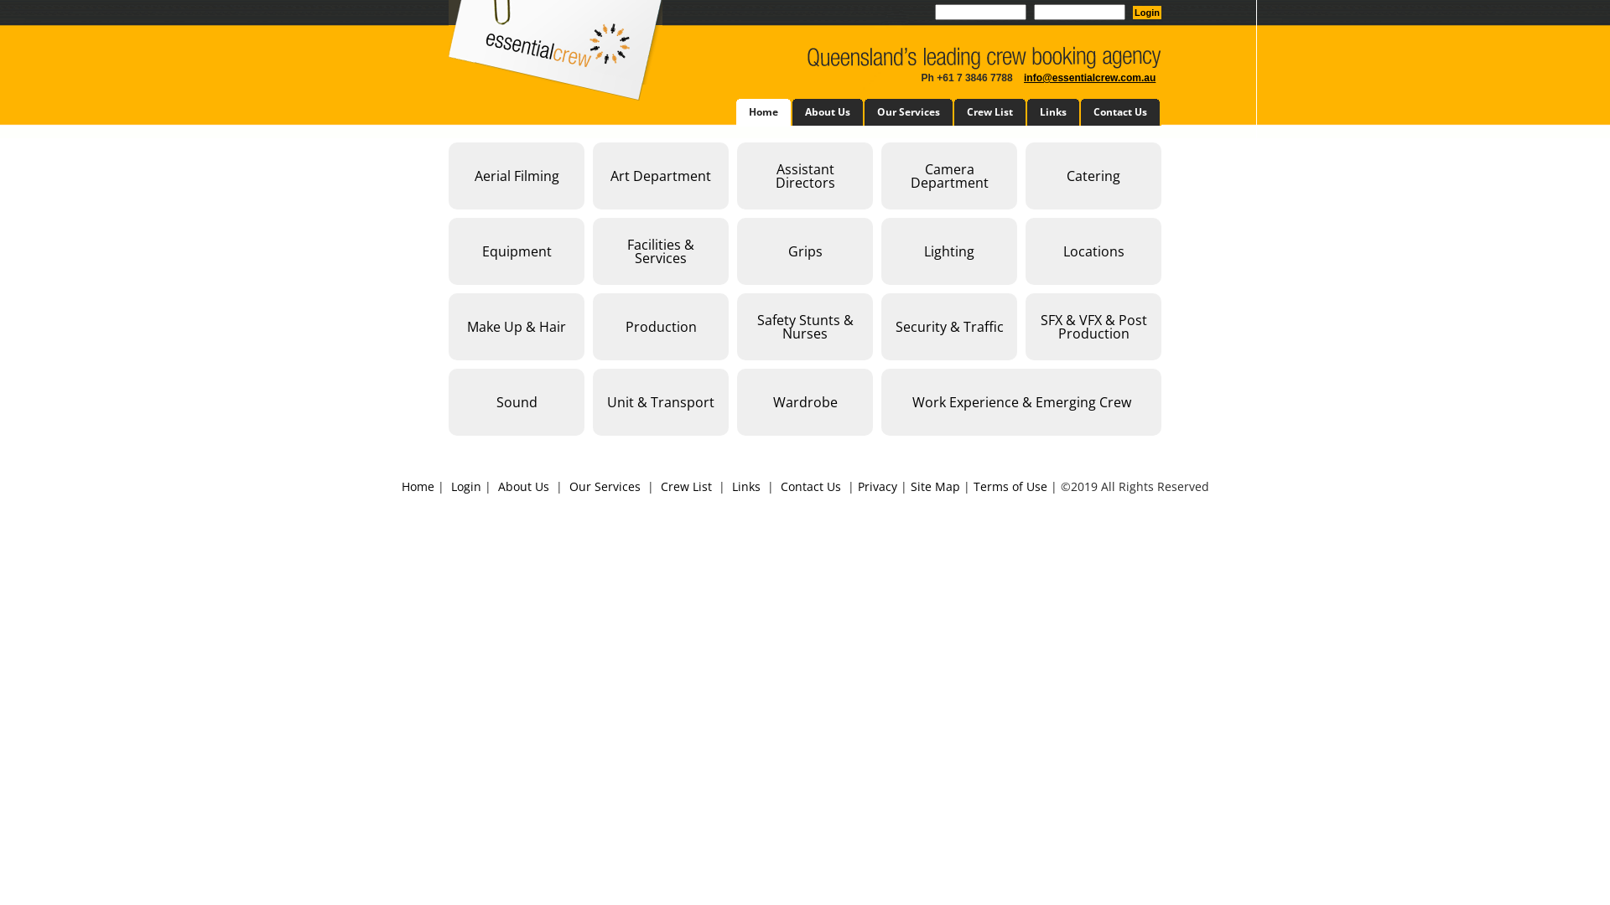 The image size is (1610, 905). I want to click on 'Security & Traffic', so click(949, 326).